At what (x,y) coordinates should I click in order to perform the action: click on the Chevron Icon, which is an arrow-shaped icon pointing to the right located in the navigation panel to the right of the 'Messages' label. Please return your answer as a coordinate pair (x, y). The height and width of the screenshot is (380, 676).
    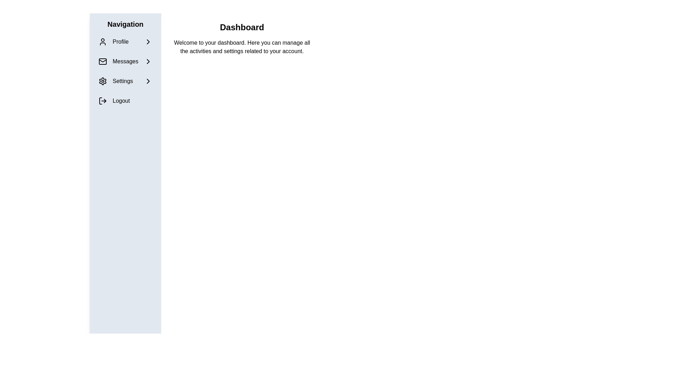
    Looking at the image, I should click on (148, 61).